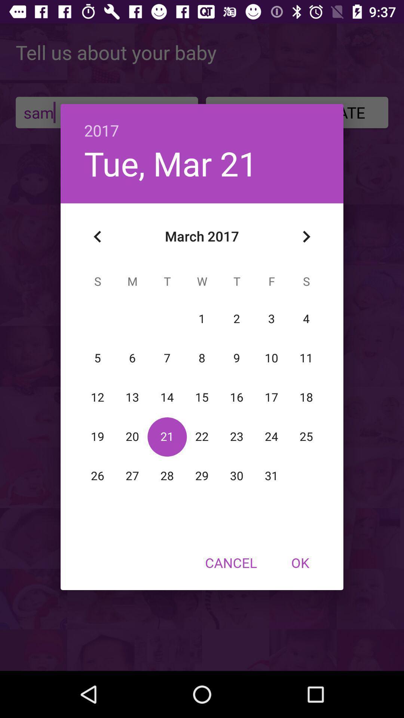 The width and height of the screenshot is (404, 718). I want to click on item at the top left corner, so click(97, 236).